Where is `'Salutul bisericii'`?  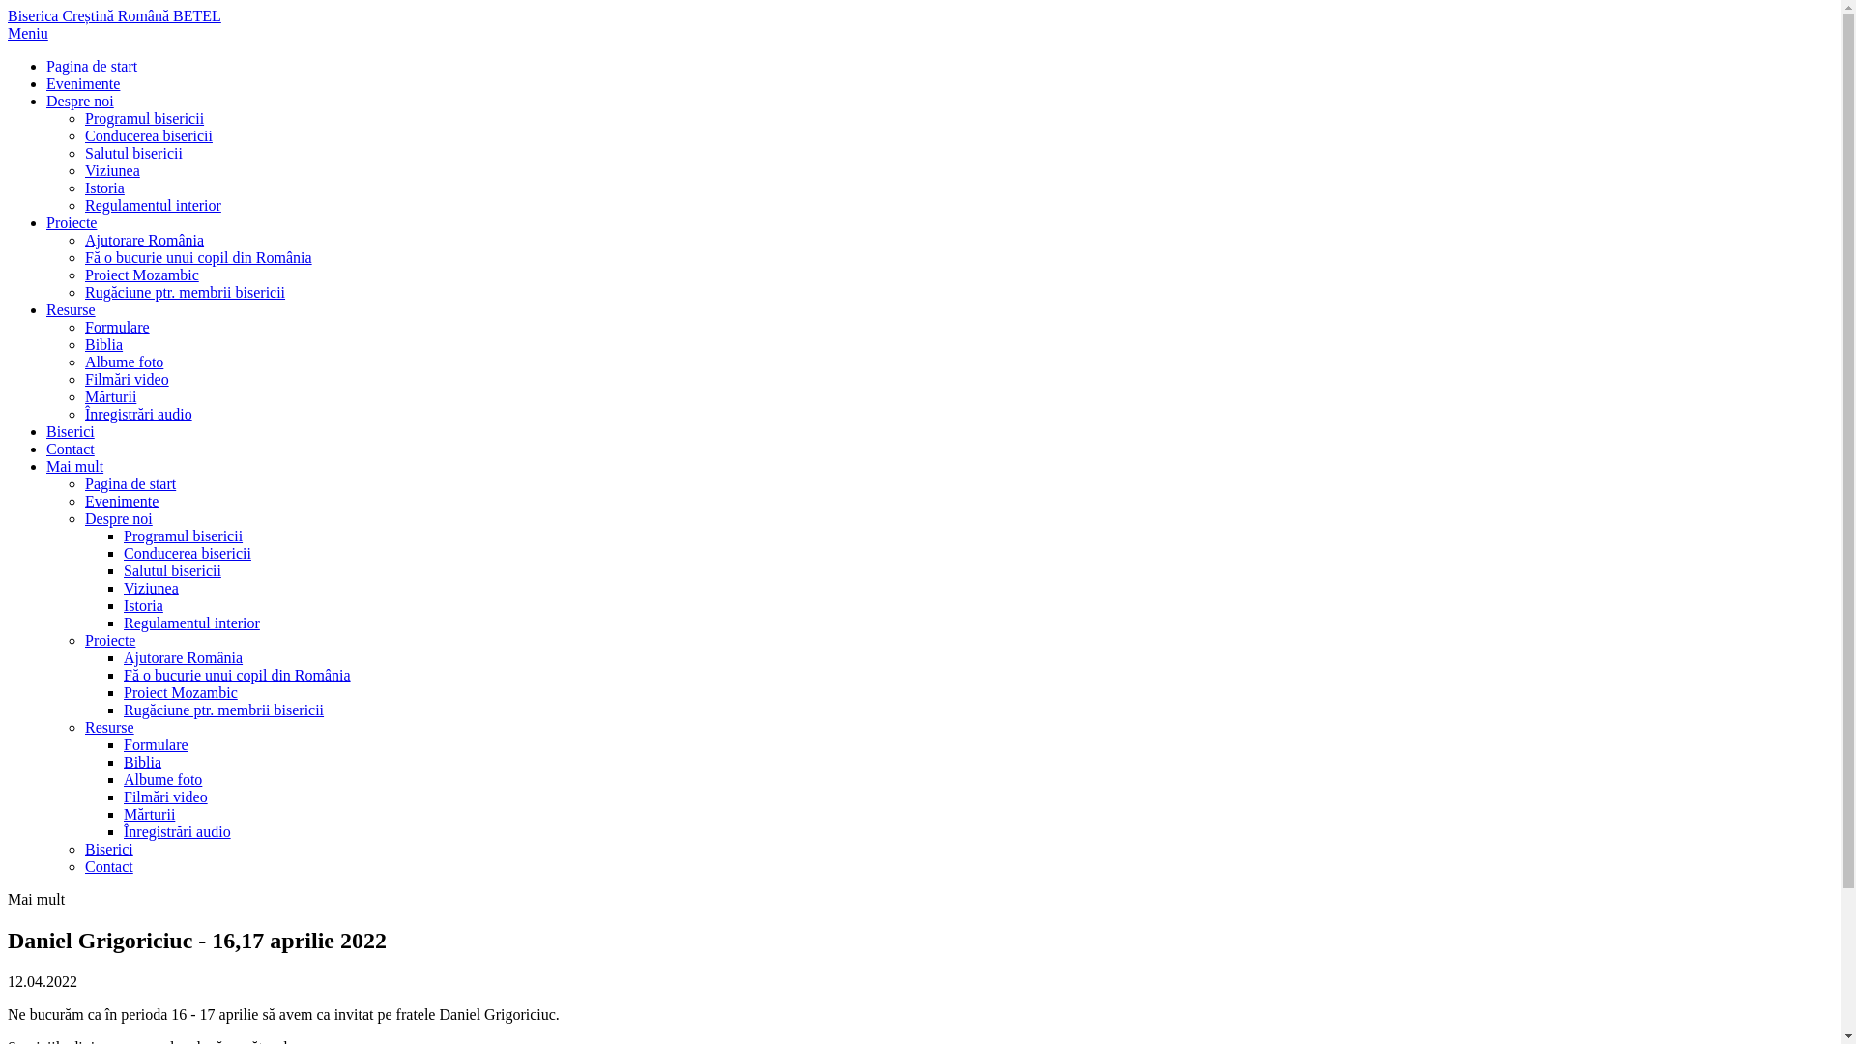
'Salutul bisericii' is located at coordinates (123, 569).